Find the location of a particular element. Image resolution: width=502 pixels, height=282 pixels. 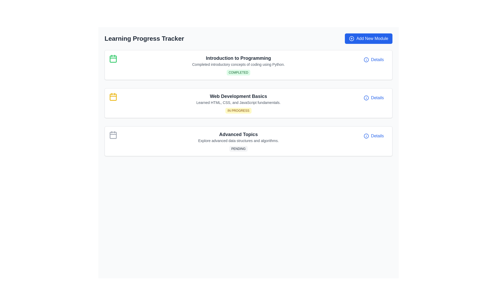

the text line that reads 'Explore advanced data structures and algorithms.', which is styled in a small gray font and positioned beneath 'Advanced Topics' and above 'PENDING.' is located at coordinates (238, 140).